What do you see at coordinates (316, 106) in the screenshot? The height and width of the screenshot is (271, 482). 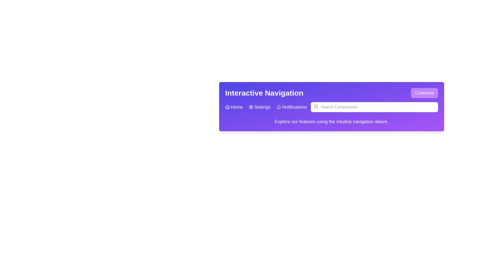 I see `the circular graphic element that is part of the search icon in the header bar, positioned to the right of the navigation buttons and adjacent to the search input field` at bounding box center [316, 106].